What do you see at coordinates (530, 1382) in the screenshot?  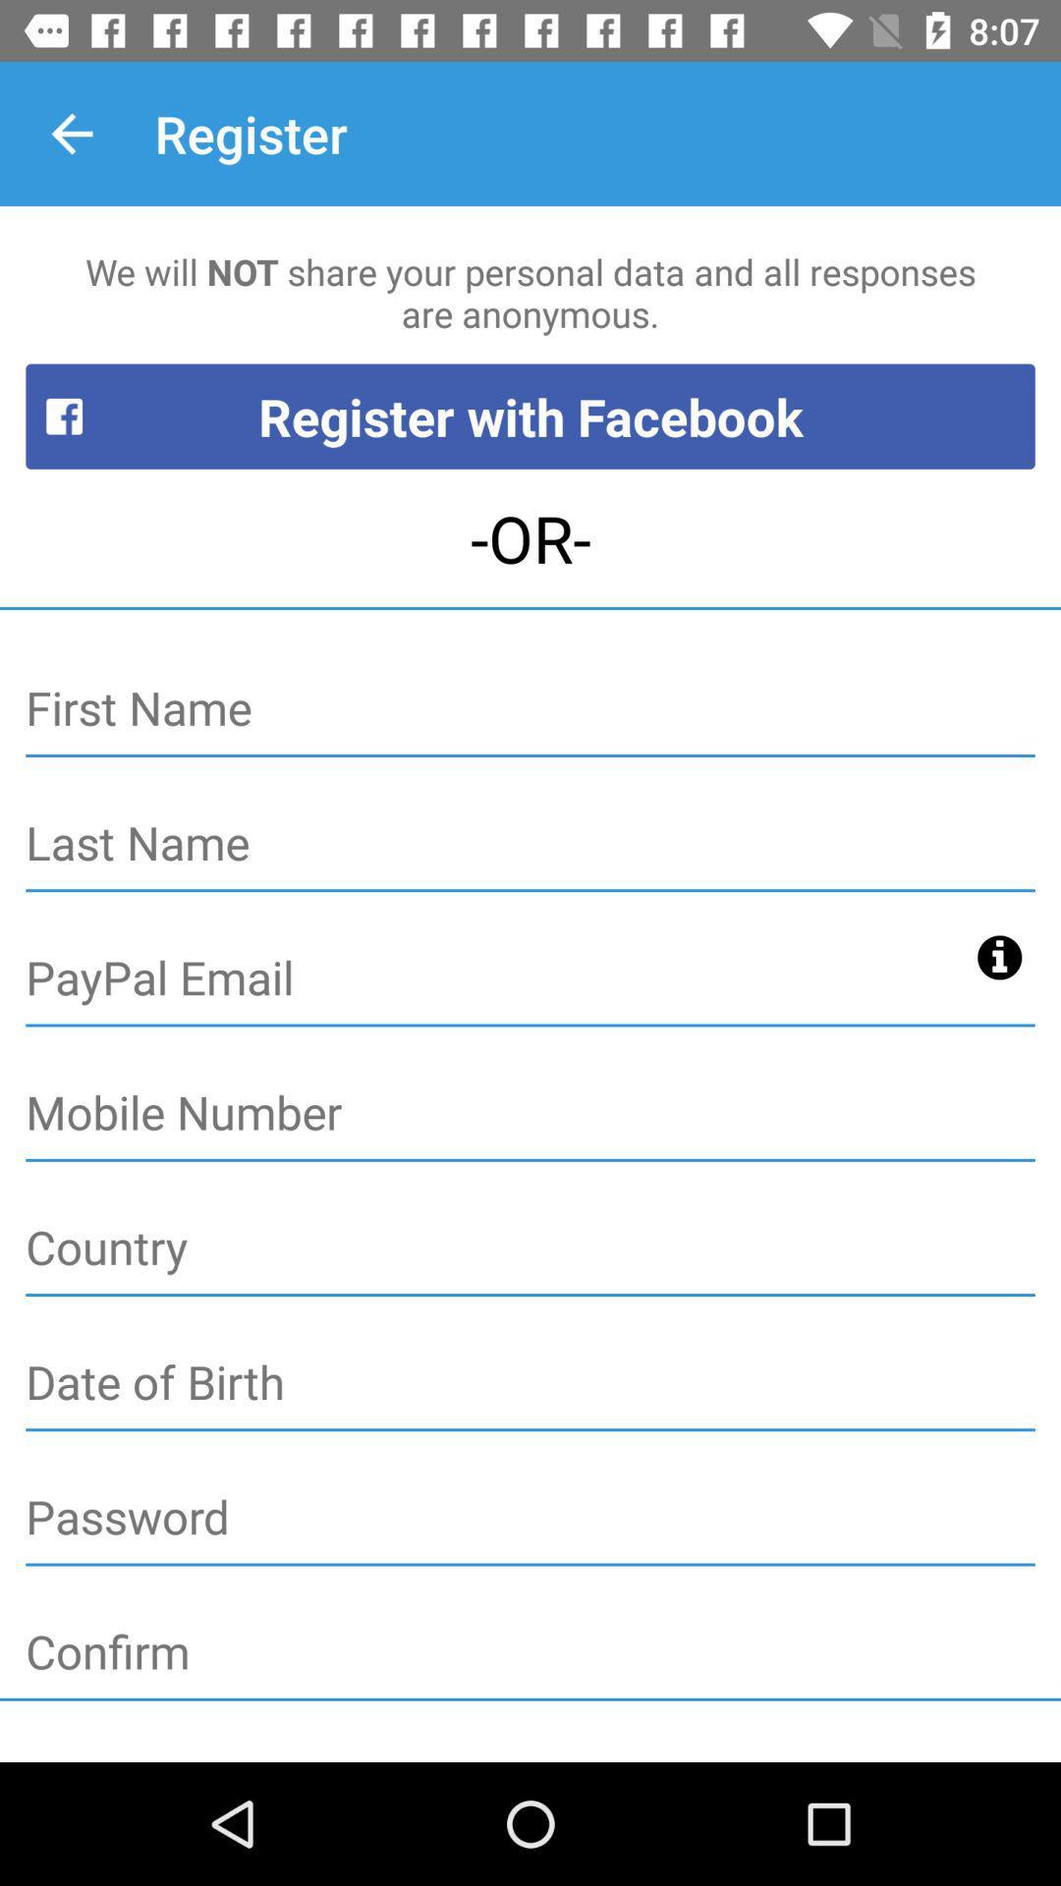 I see `date of birth` at bounding box center [530, 1382].